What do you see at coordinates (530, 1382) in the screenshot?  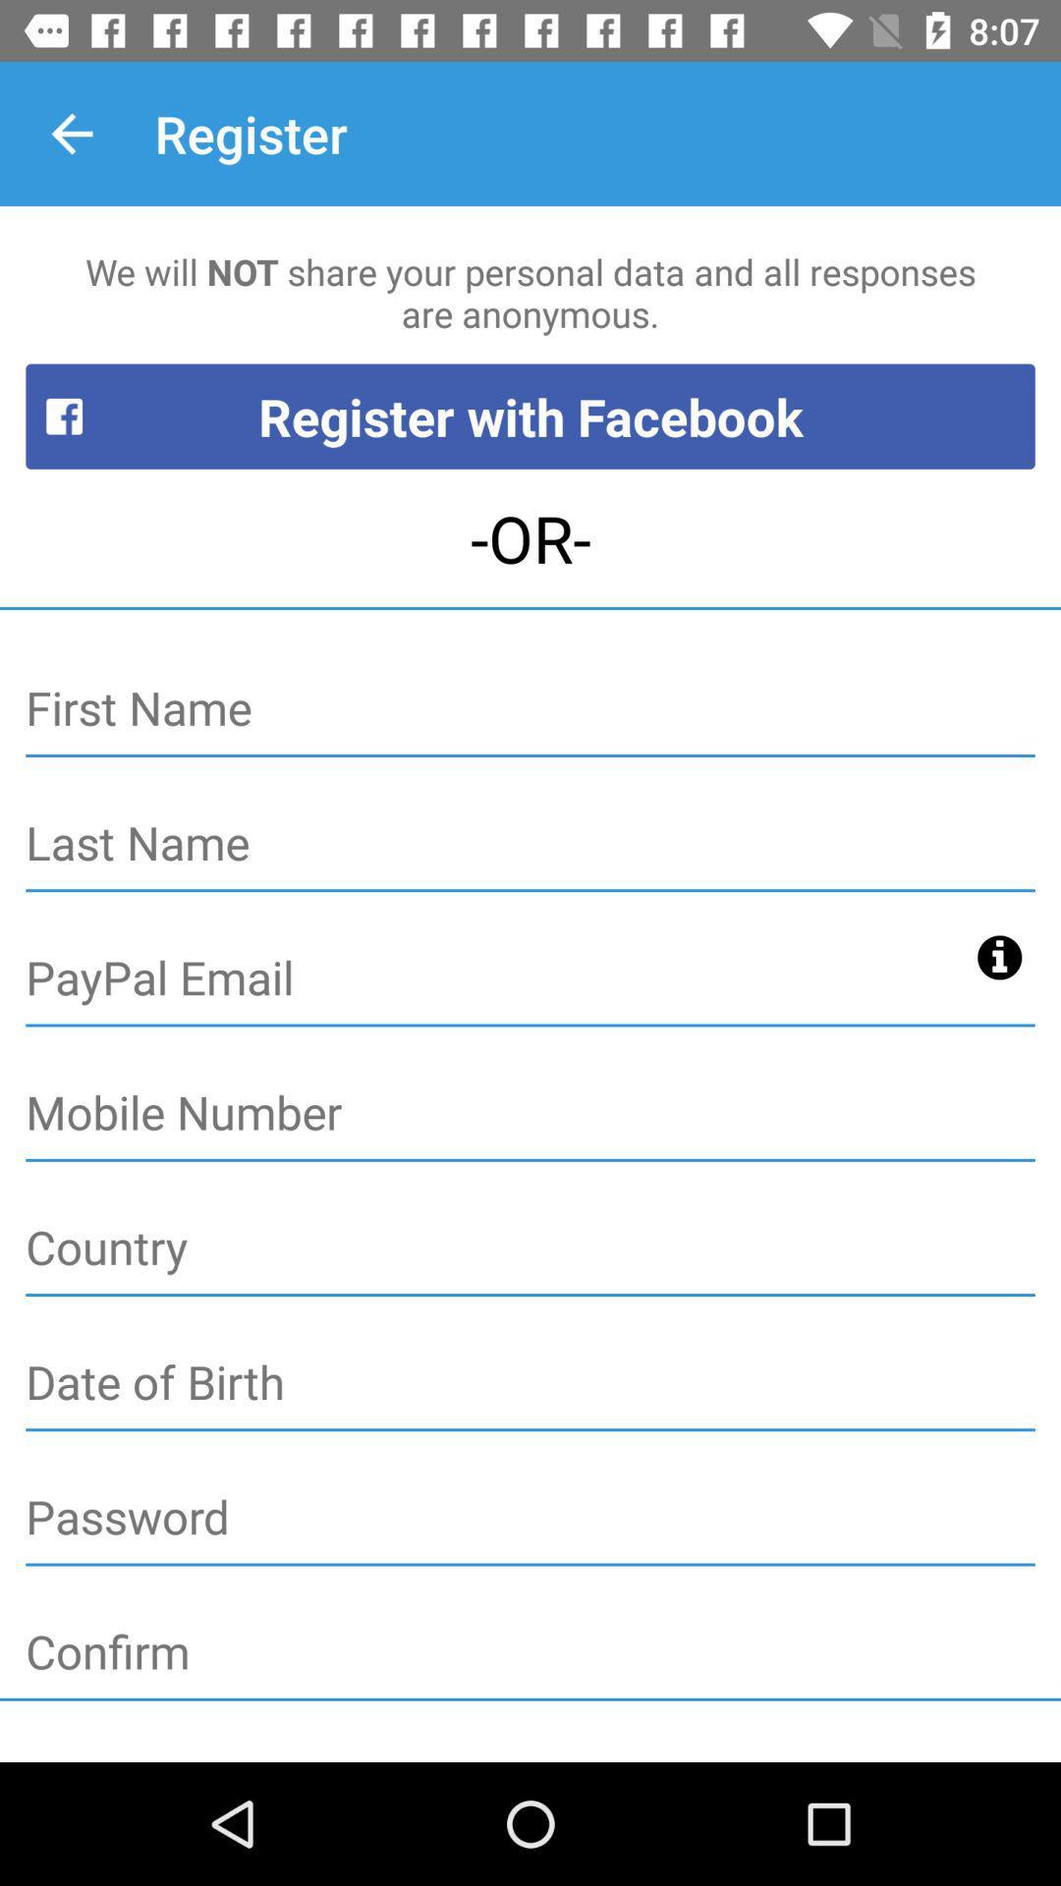 I see `date of birth` at bounding box center [530, 1382].